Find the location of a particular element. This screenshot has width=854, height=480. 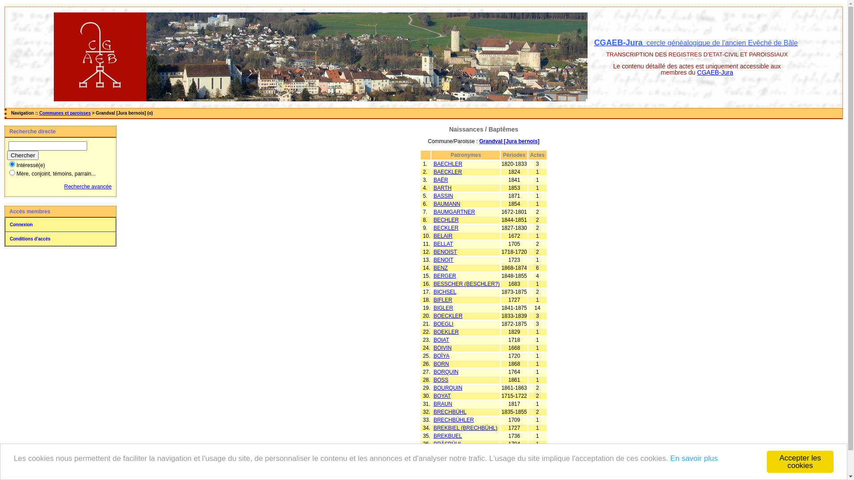

'BOYAT' is located at coordinates (433, 396).